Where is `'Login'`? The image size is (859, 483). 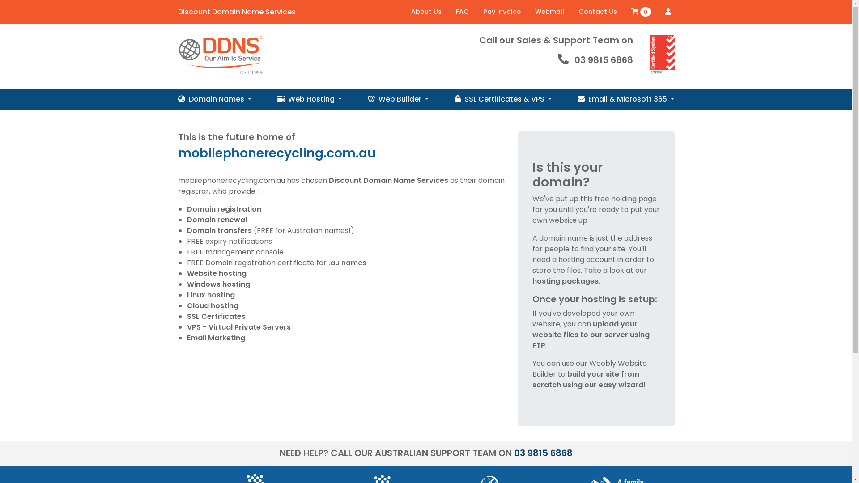
'Login' is located at coordinates (668, 12).